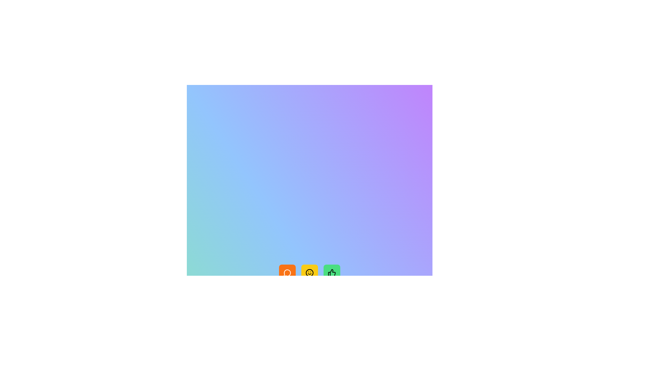 The image size is (668, 376). Describe the element at coordinates (309, 272) in the screenshot. I see `the middle yellow button with a smiley face icon` at that location.